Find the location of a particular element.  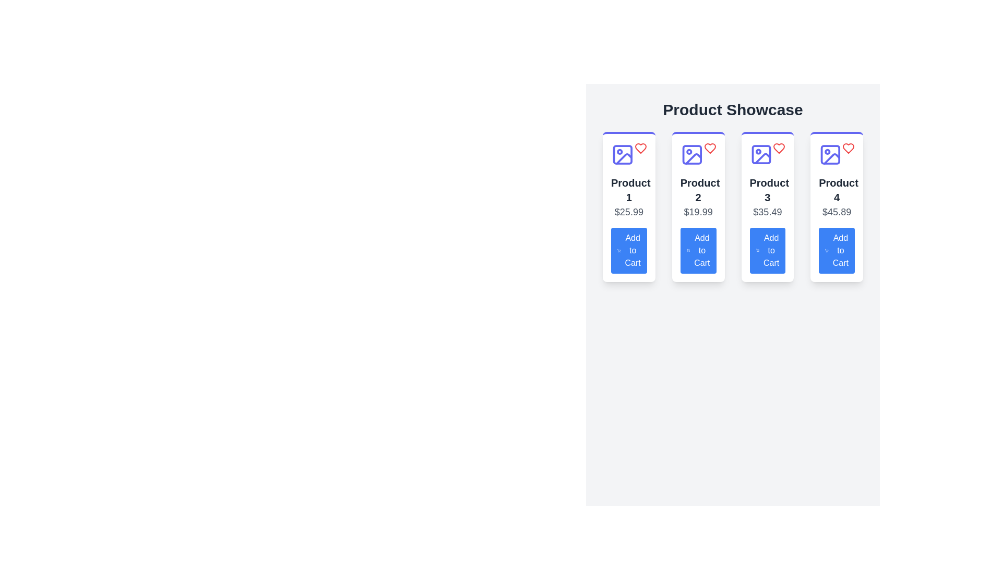

the Text Display element showing the price '$45.89' located below the title 'Product 4' and above the 'Add to Cart' button is located at coordinates (837, 212).